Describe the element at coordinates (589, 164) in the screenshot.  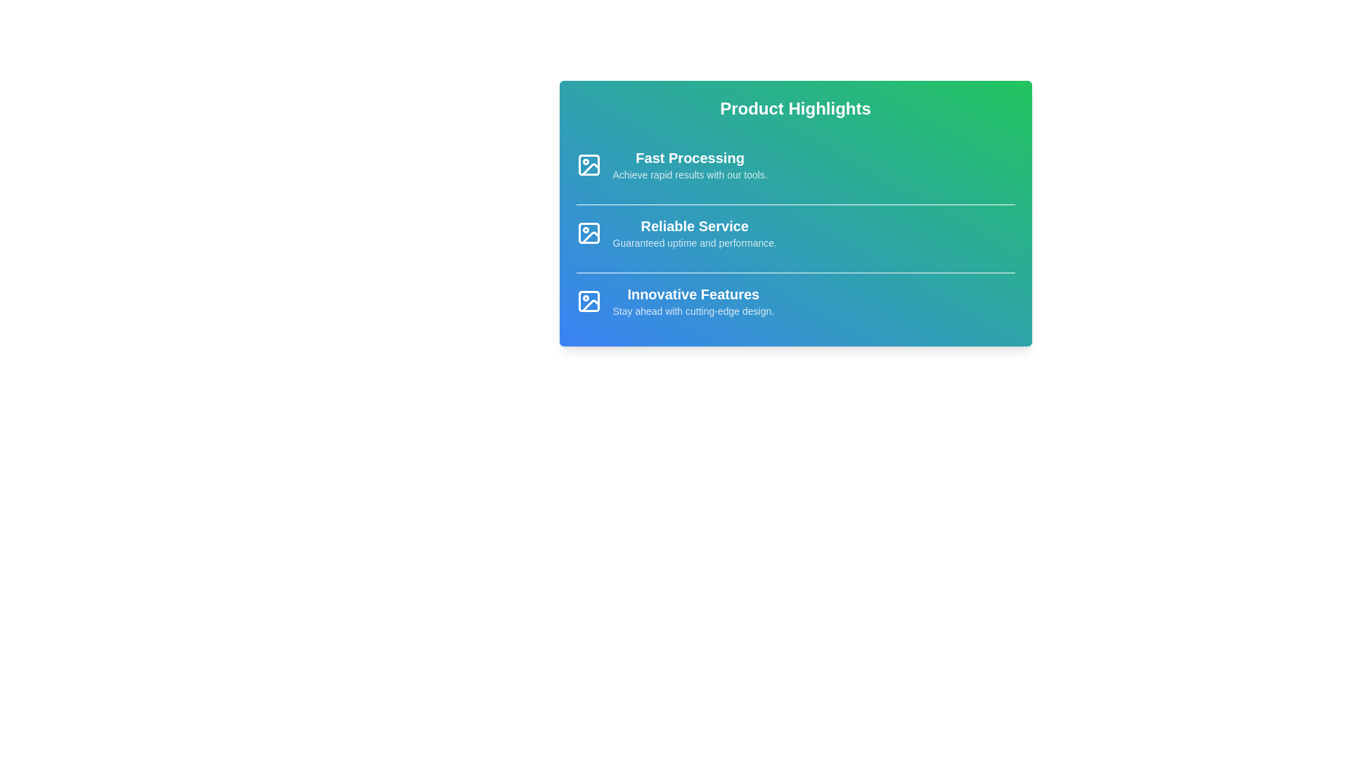
I see `the 'Fast Processing' feature icon located in the 'Product Highlights' section, which is the first graphical element aligned to the left of the text 'Fast Processing'` at that location.